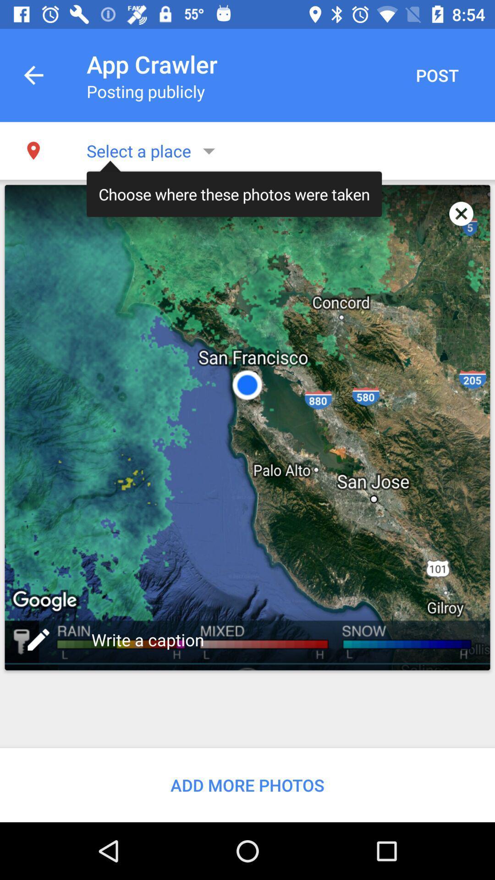 The height and width of the screenshot is (880, 495). I want to click on icon to the left of the app crawler item, so click(33, 75).